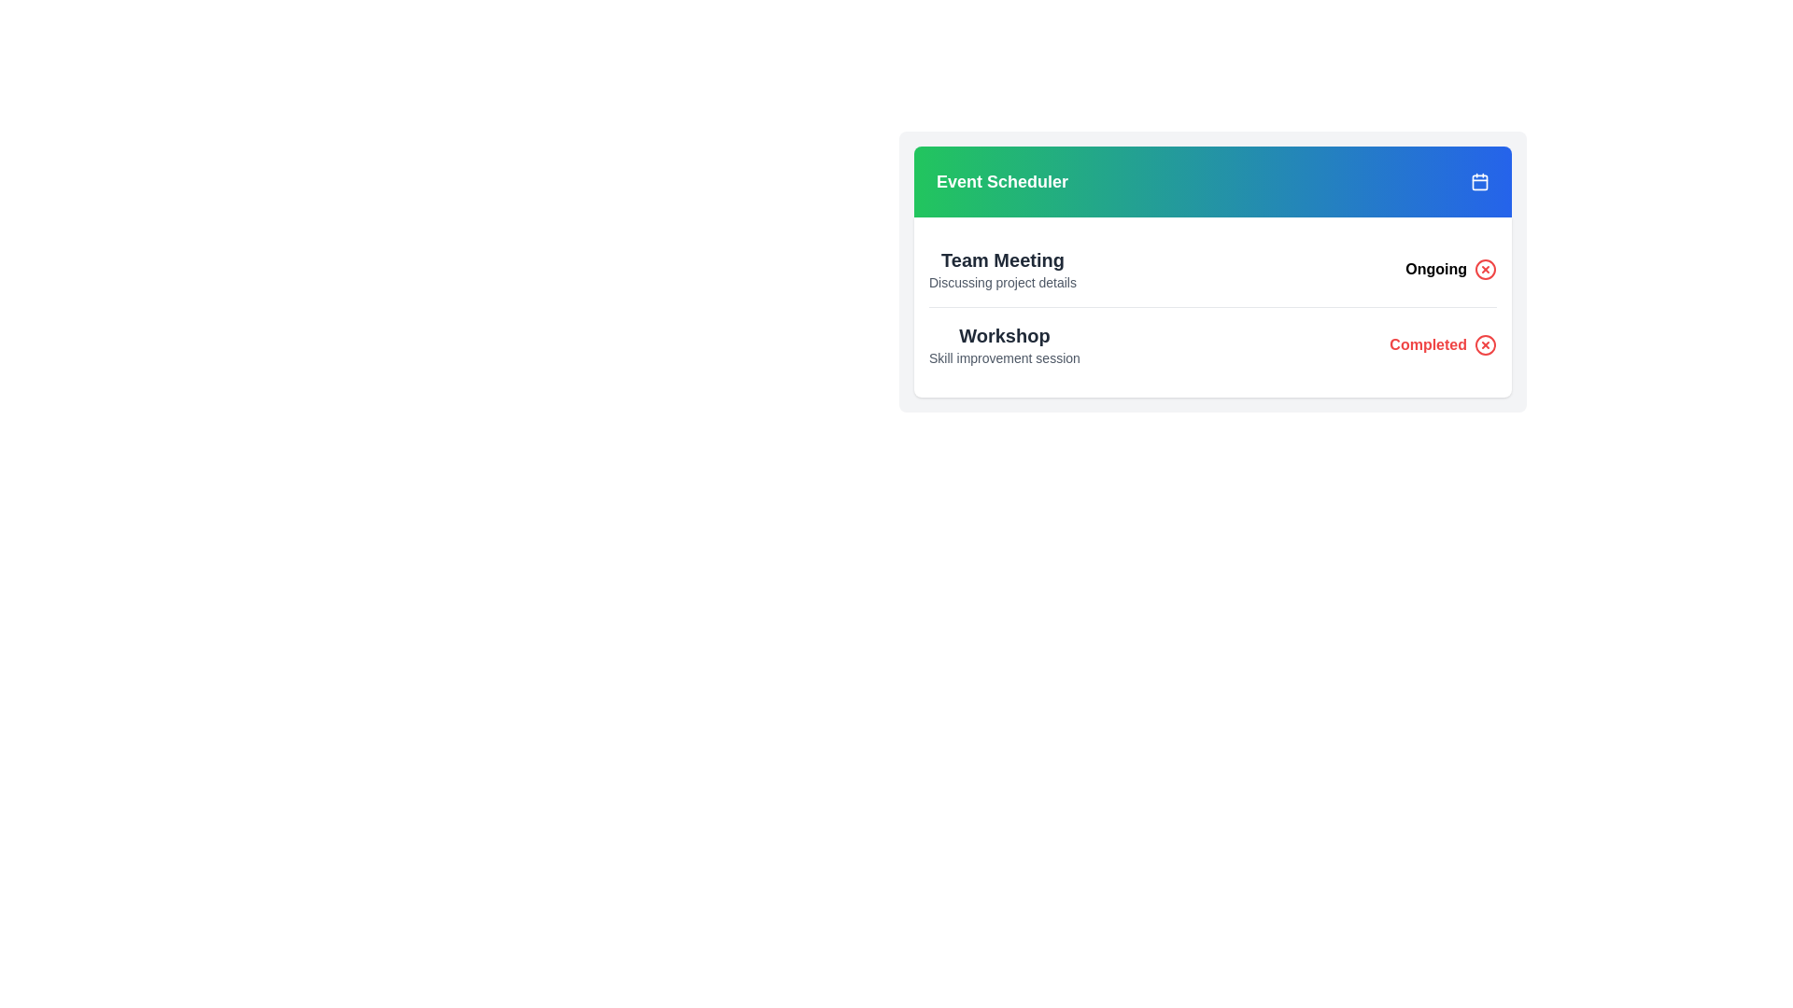 This screenshot has height=1008, width=1793. Describe the element at coordinates (1003, 358) in the screenshot. I see `the text label that provides additional information for the 'Workshop' event, located beneath the bold title 'Workshop' in the bottom-left corner of the event listing card` at that location.